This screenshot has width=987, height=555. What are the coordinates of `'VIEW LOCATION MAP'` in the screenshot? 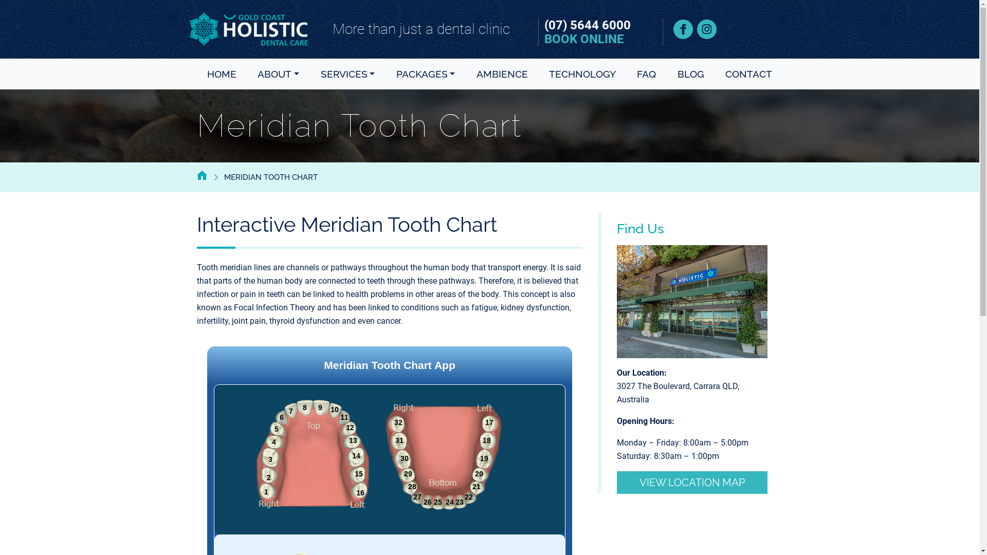 It's located at (692, 482).